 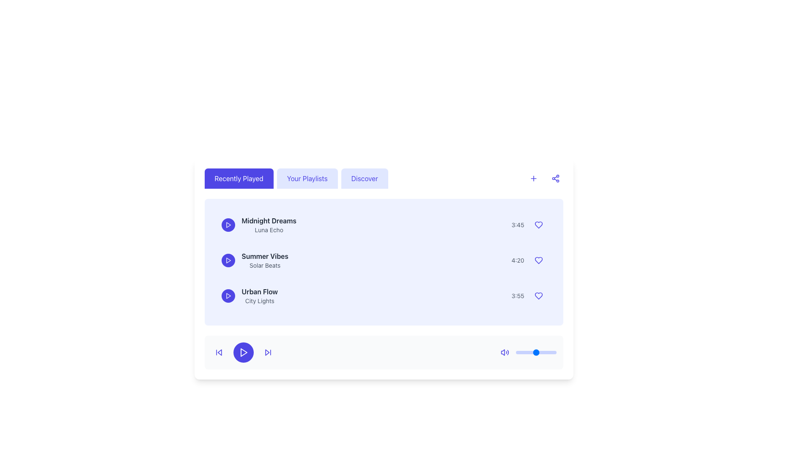 I want to click on the slider, so click(x=550, y=352).